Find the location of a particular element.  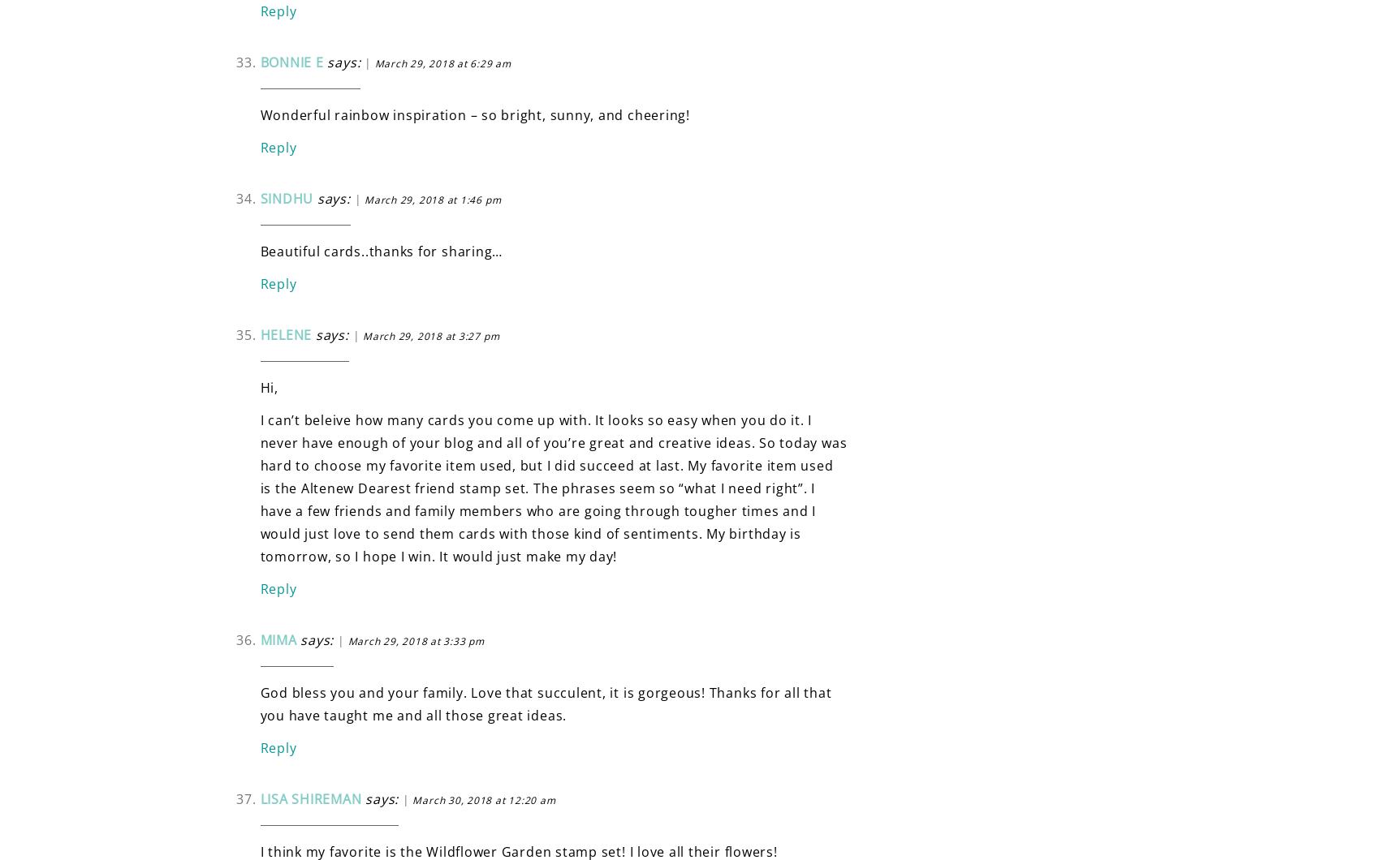

'I can’t beleive how many cards you come up with. It looks so easy when you do it. I never have enough of your blog and all of you’re great and creative ideas. So today was hard to choose my favorite item used, but I did succeed at last. My favorite item used is the Altenew Dearest friend stamp set. The phrases seem so “what I need right”.  I have a few friends and family members who are going through tougher times and I would just love to send them cards with those kind of sentiments. My birthday is tomorrow, so I hope I win. It would just make my day!' is located at coordinates (259, 488).